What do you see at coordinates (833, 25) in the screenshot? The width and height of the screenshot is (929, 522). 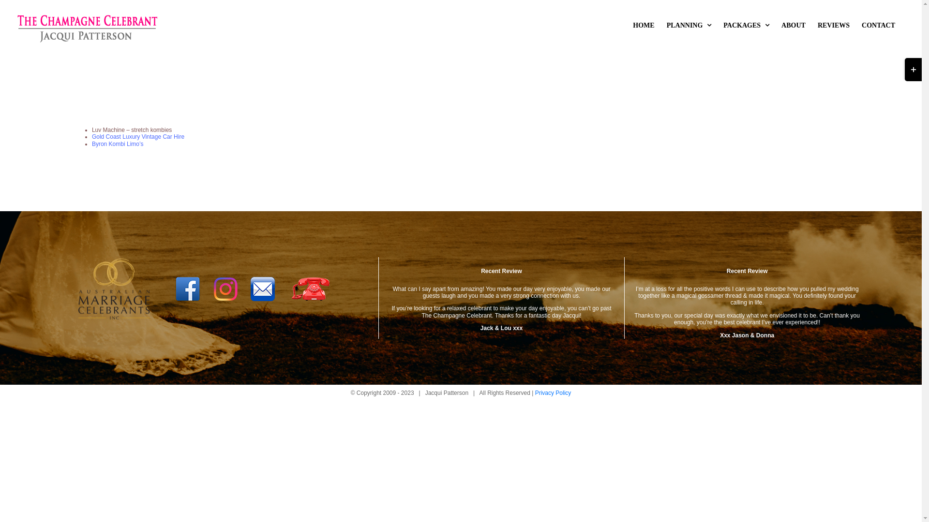 I see `'REVIEWS'` at bounding box center [833, 25].